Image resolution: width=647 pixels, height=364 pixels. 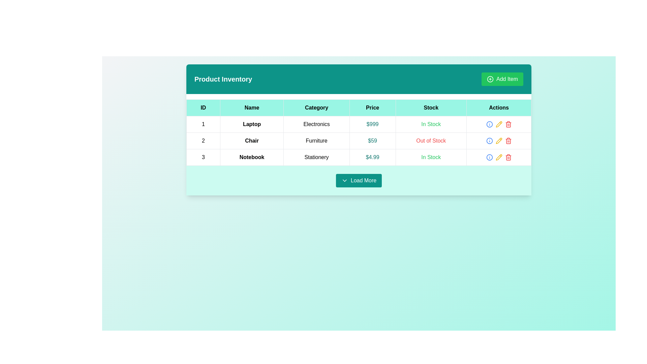 What do you see at coordinates (359, 180) in the screenshot?
I see `the 'Load More' button, which has a teal-green background, rounded edges, and white text with a downward arrow icon` at bounding box center [359, 180].